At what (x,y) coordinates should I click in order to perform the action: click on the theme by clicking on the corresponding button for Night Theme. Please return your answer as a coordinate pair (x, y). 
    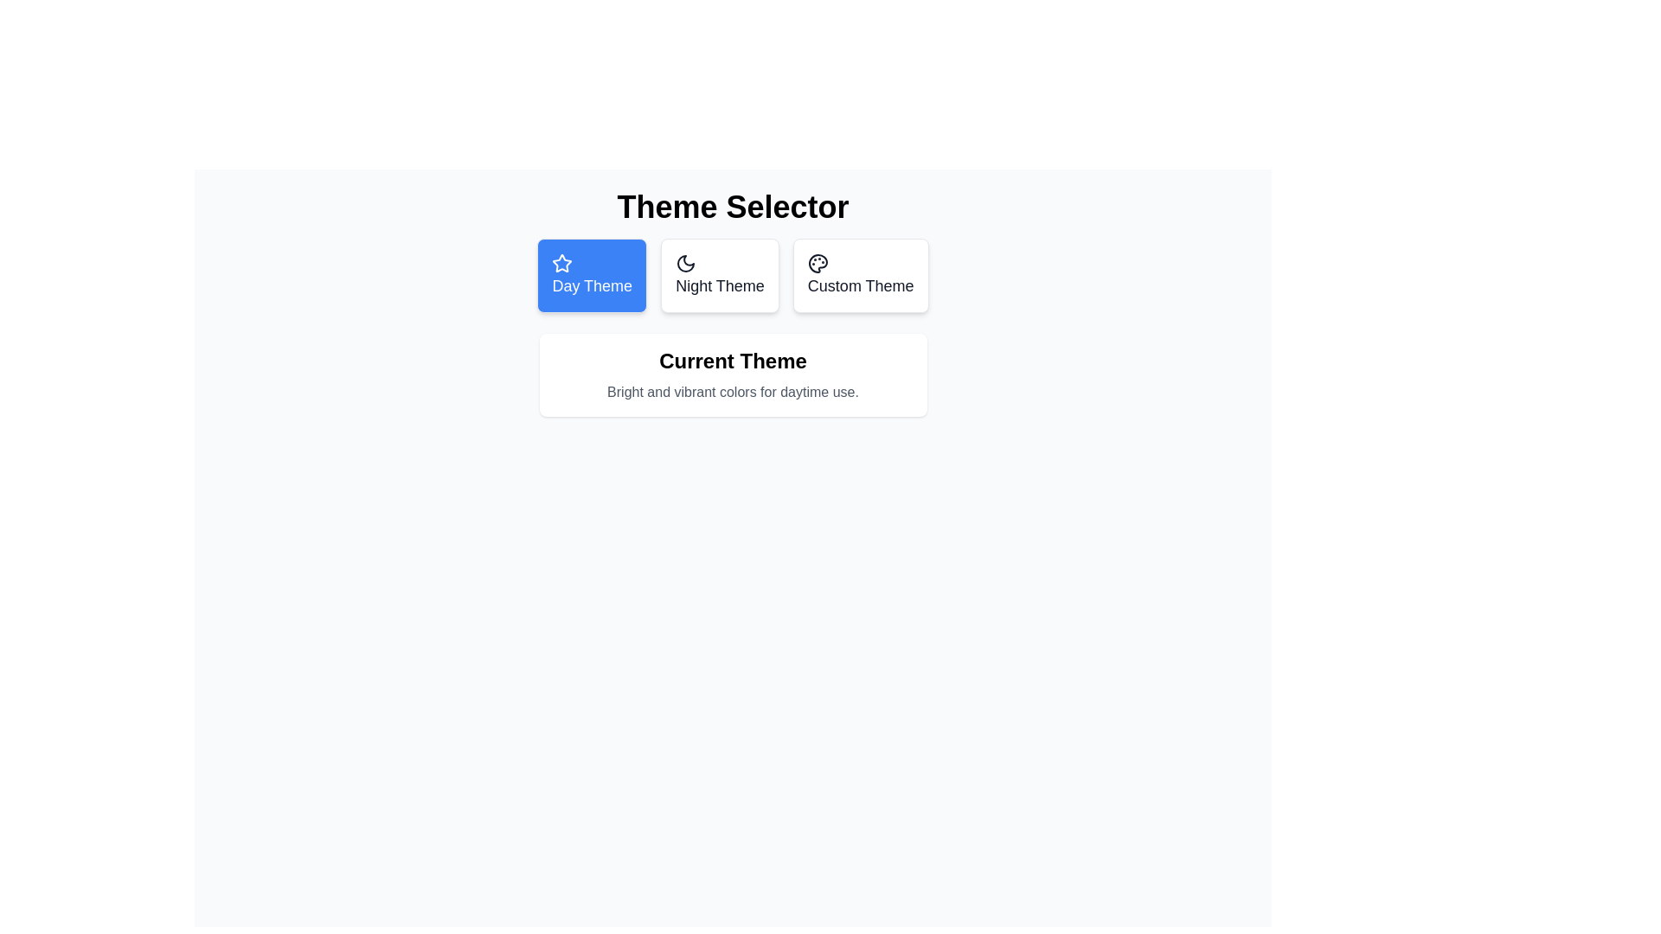
    Looking at the image, I should click on (720, 275).